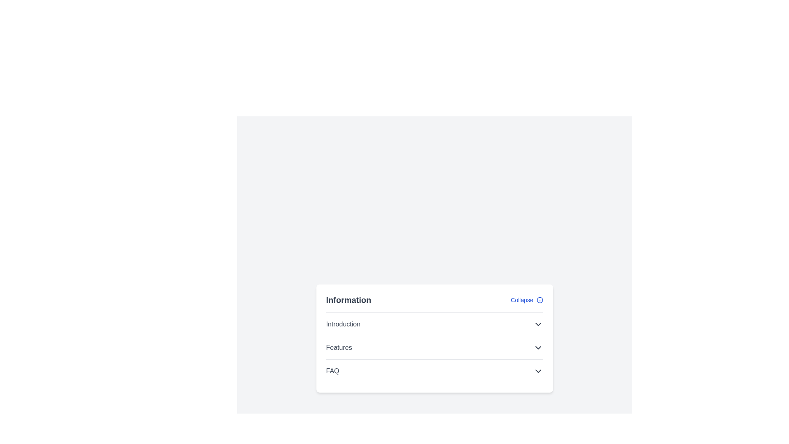  What do you see at coordinates (434, 371) in the screenshot?
I see `the 'FAQ' list item at the bottom of the vertical list` at bounding box center [434, 371].